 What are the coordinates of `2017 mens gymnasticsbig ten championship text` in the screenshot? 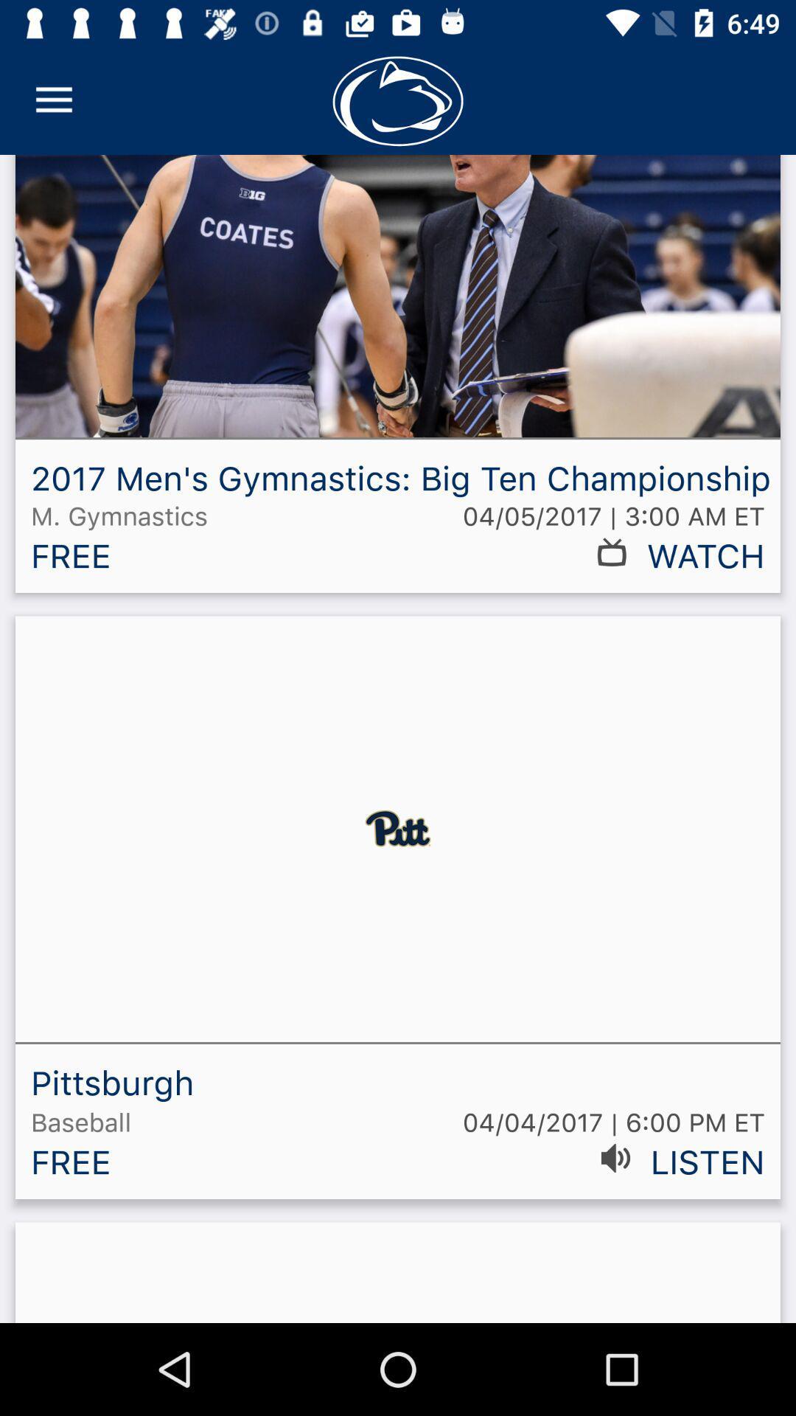 It's located at (398, 379).